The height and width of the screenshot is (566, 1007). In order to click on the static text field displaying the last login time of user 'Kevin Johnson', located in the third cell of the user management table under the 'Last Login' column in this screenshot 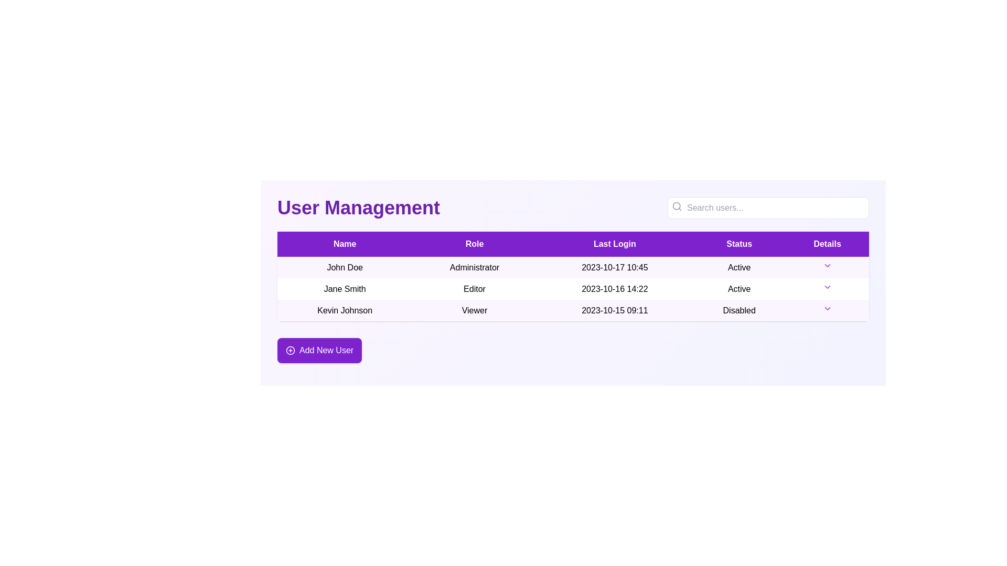, I will do `click(615, 310)`.